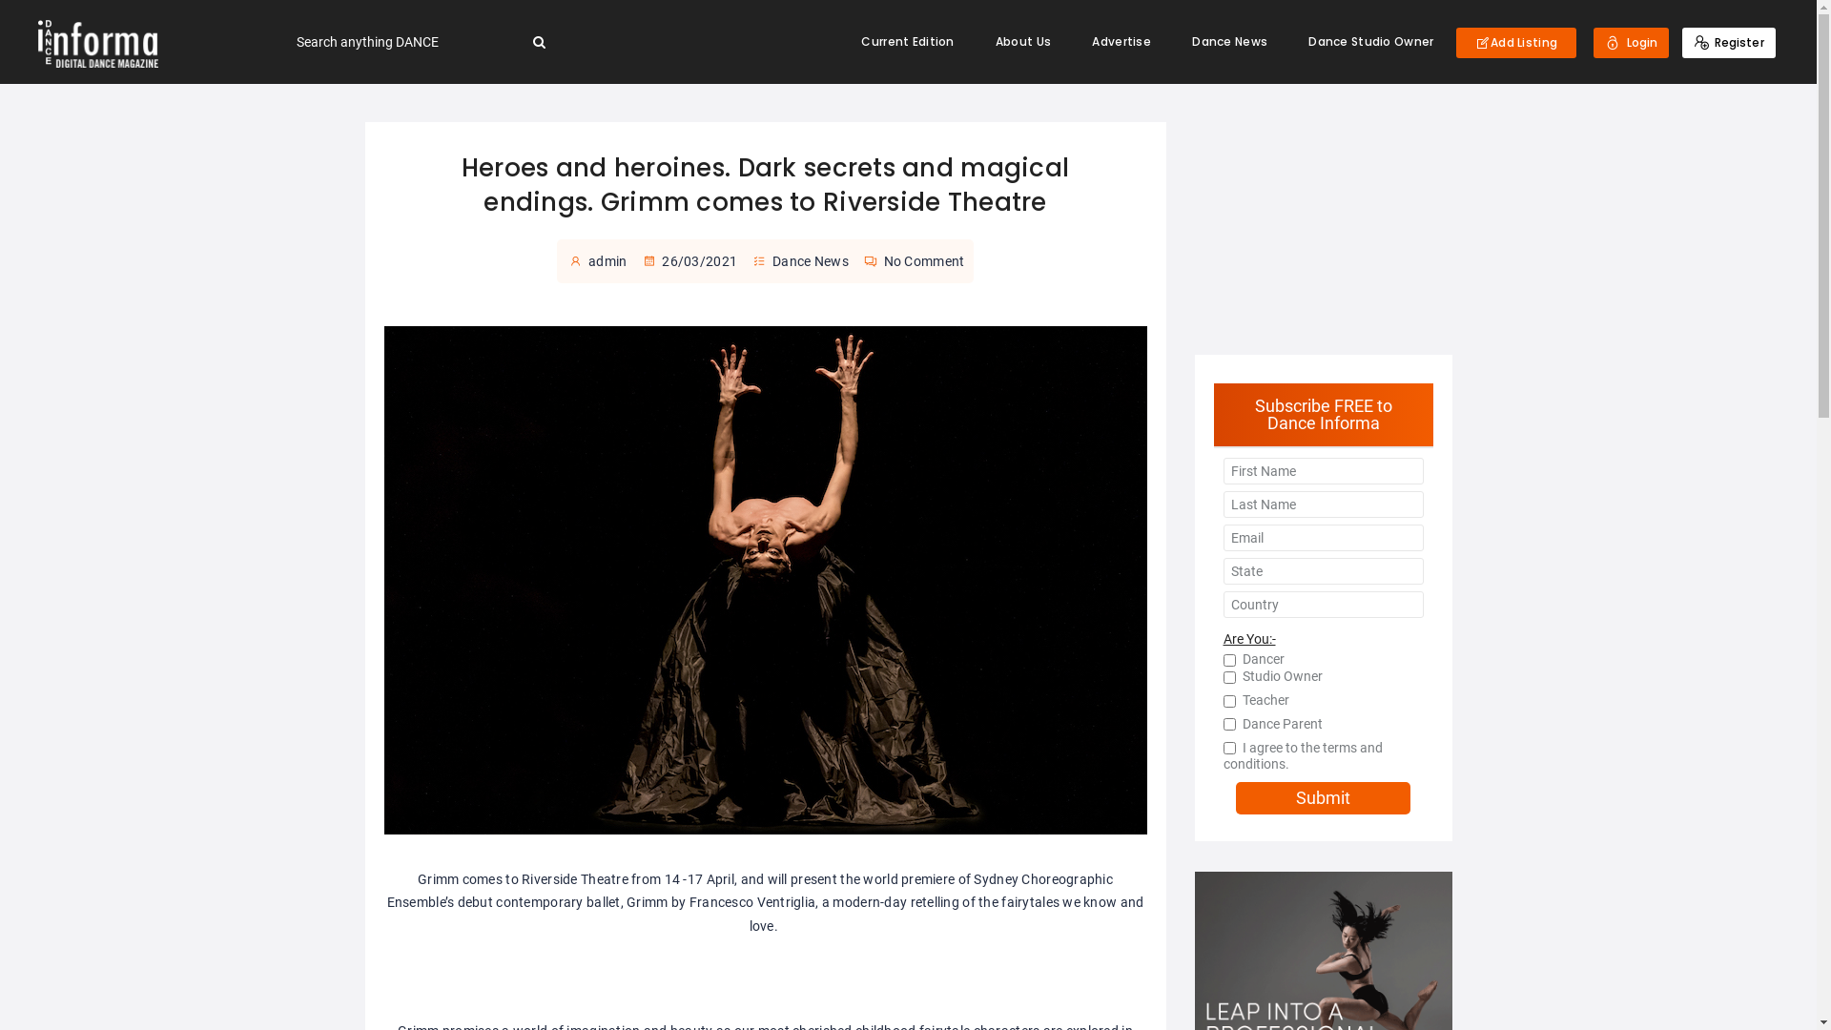 This screenshot has height=1030, width=1831. What do you see at coordinates (906, 41) in the screenshot?
I see `'Current Edition'` at bounding box center [906, 41].